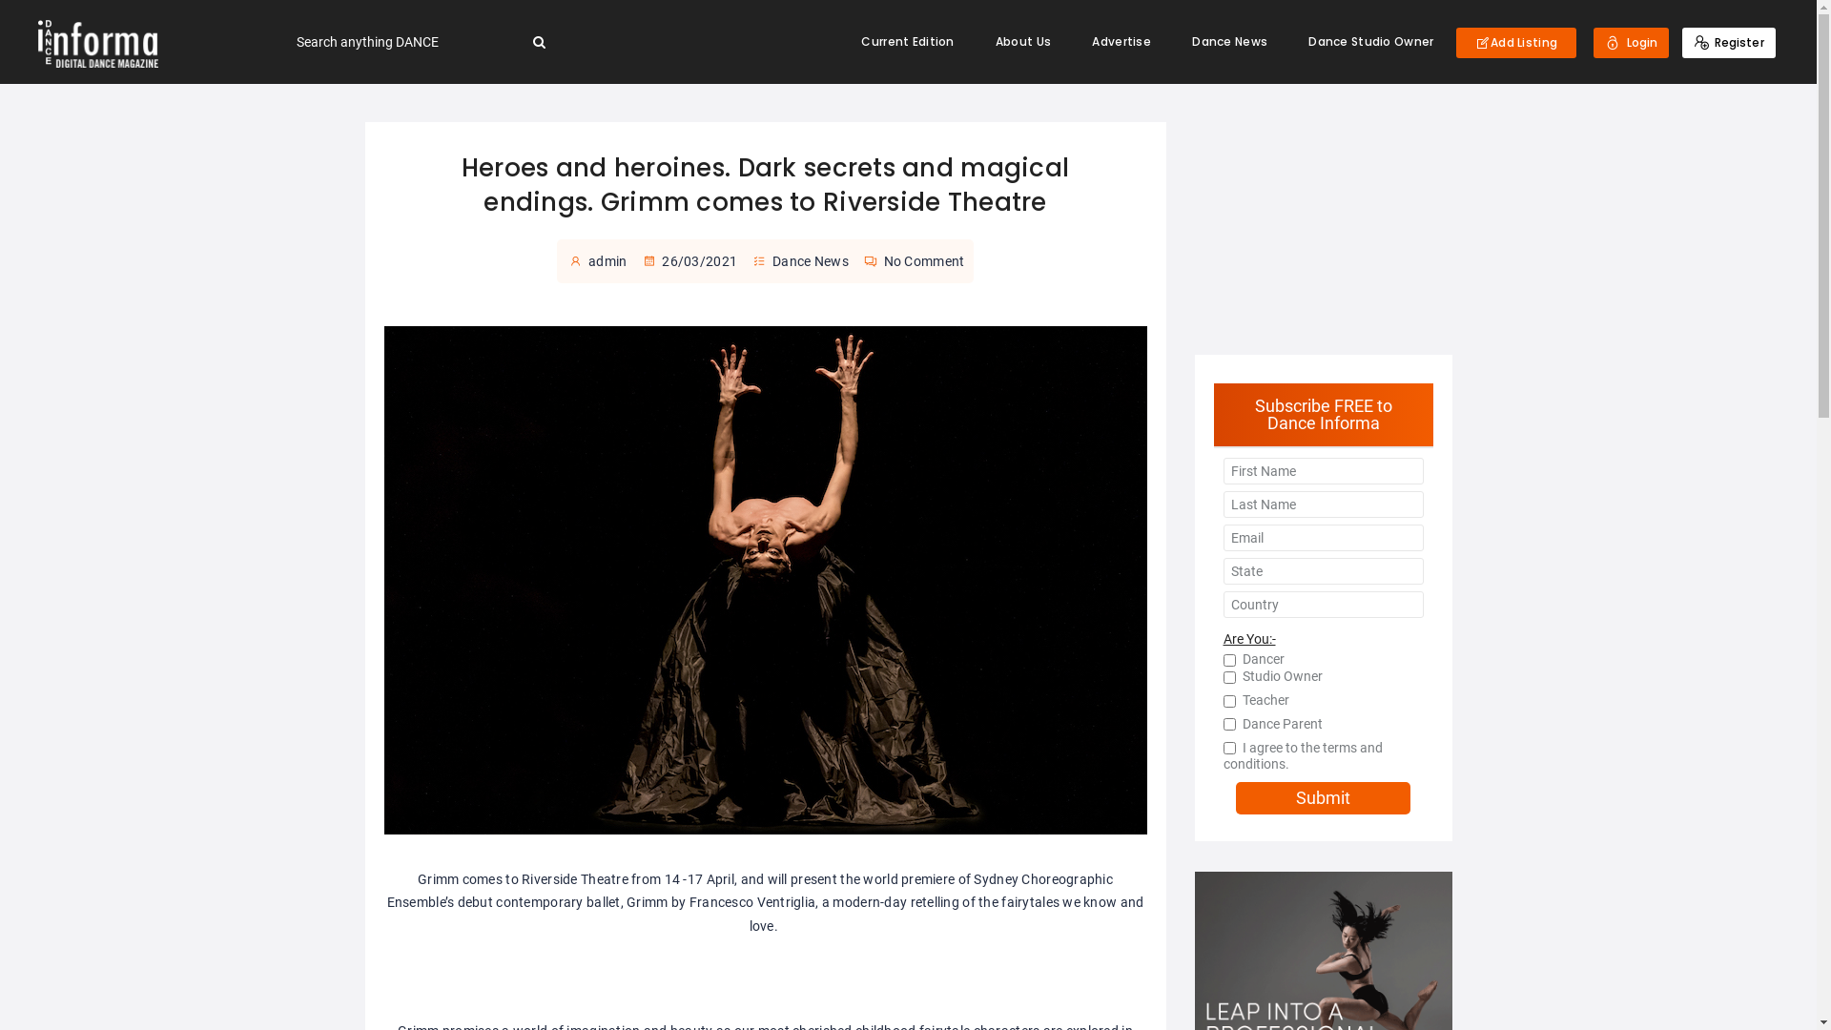 This screenshot has height=1030, width=1831. What do you see at coordinates (906, 41) in the screenshot?
I see `'Current Edition'` at bounding box center [906, 41].